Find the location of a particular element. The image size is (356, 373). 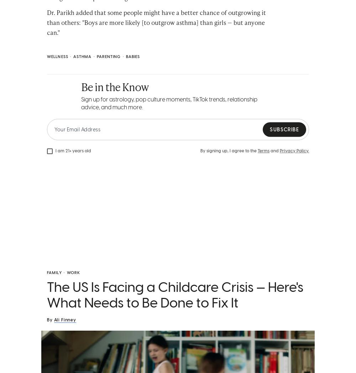

'The US Is Facing a Childcare Crisis — Here's What Needs to Be Done to Fix It' is located at coordinates (175, 294).